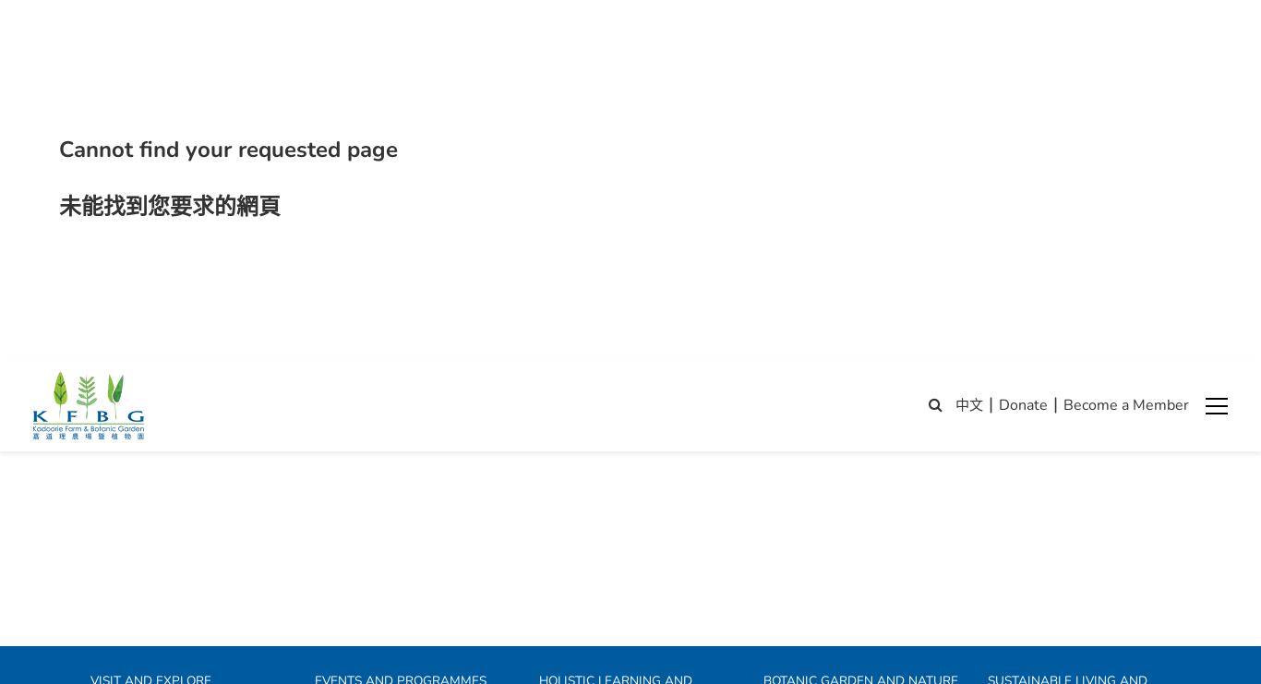  Describe the element at coordinates (1044, 412) in the screenshot. I see `'Why farming matters?'` at that location.